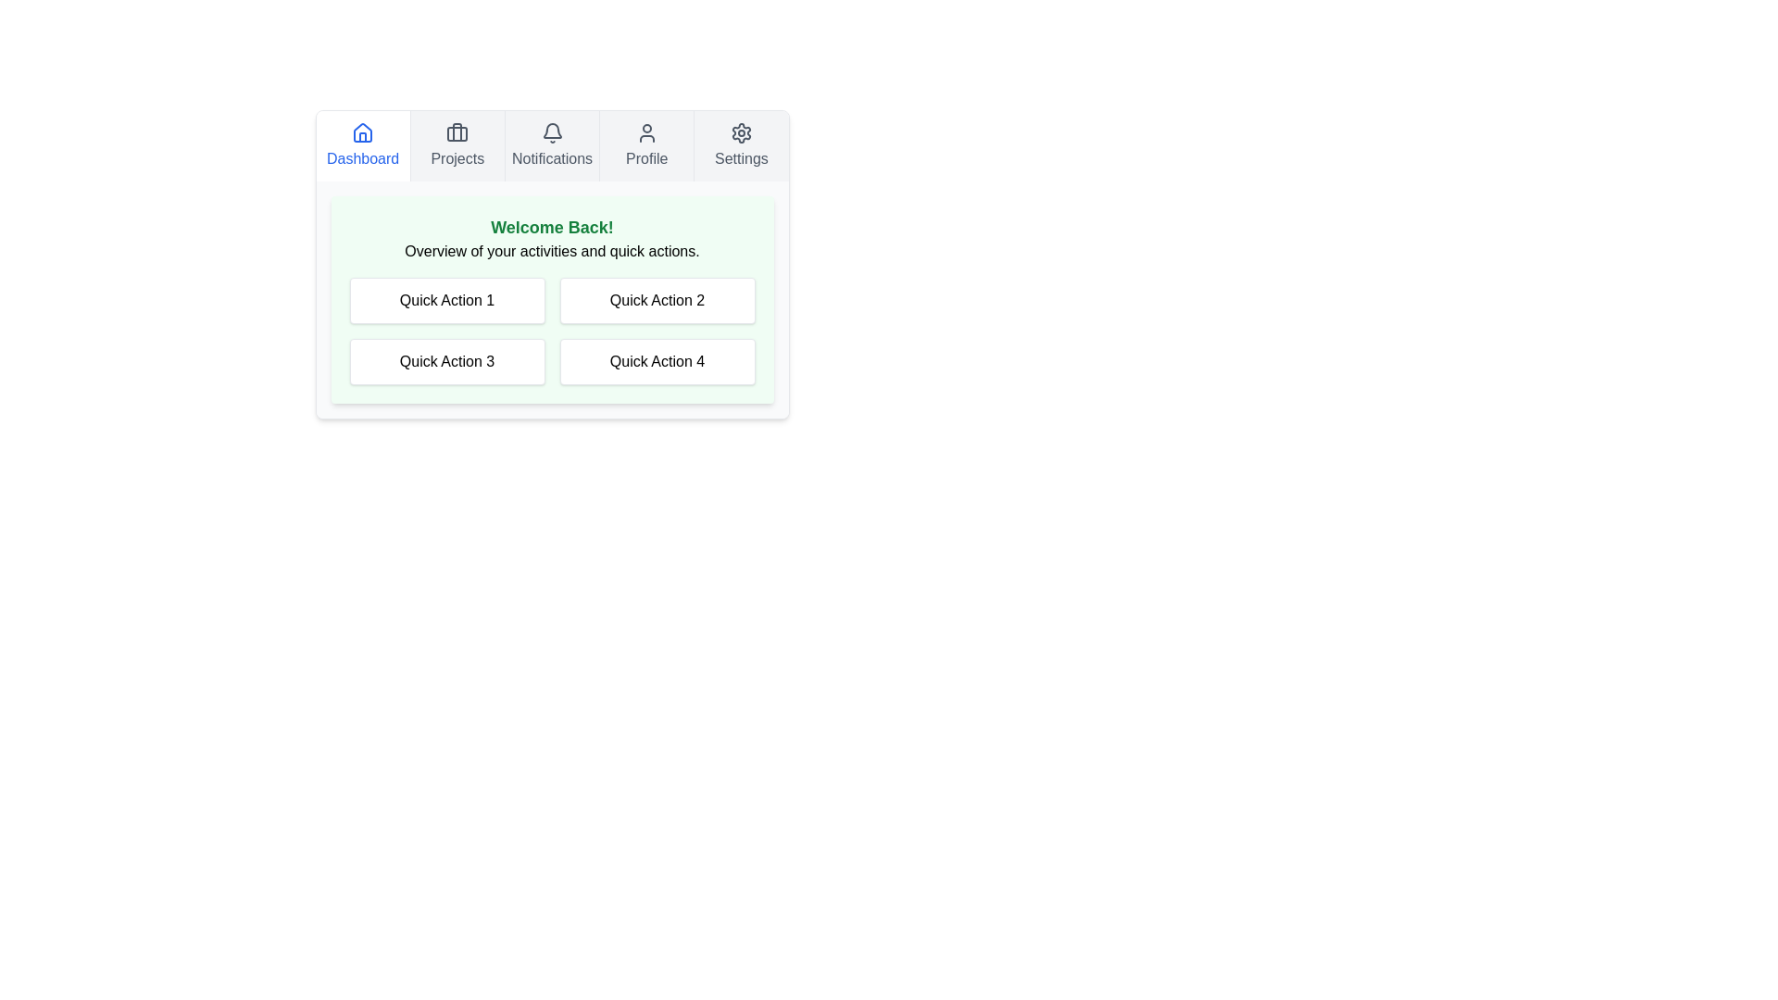  Describe the element at coordinates (550, 145) in the screenshot. I see `the navigation button for Notifications, which is the third item in the horizontal menu between 'Projects' and 'Profile'` at that location.